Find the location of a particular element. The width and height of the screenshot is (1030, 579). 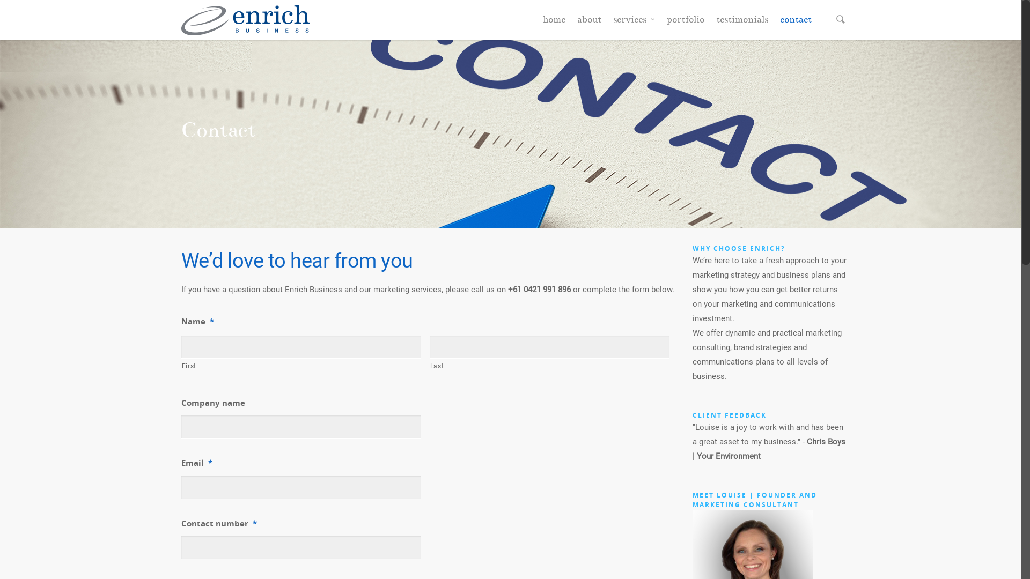

'testimonials' is located at coordinates (710, 23).